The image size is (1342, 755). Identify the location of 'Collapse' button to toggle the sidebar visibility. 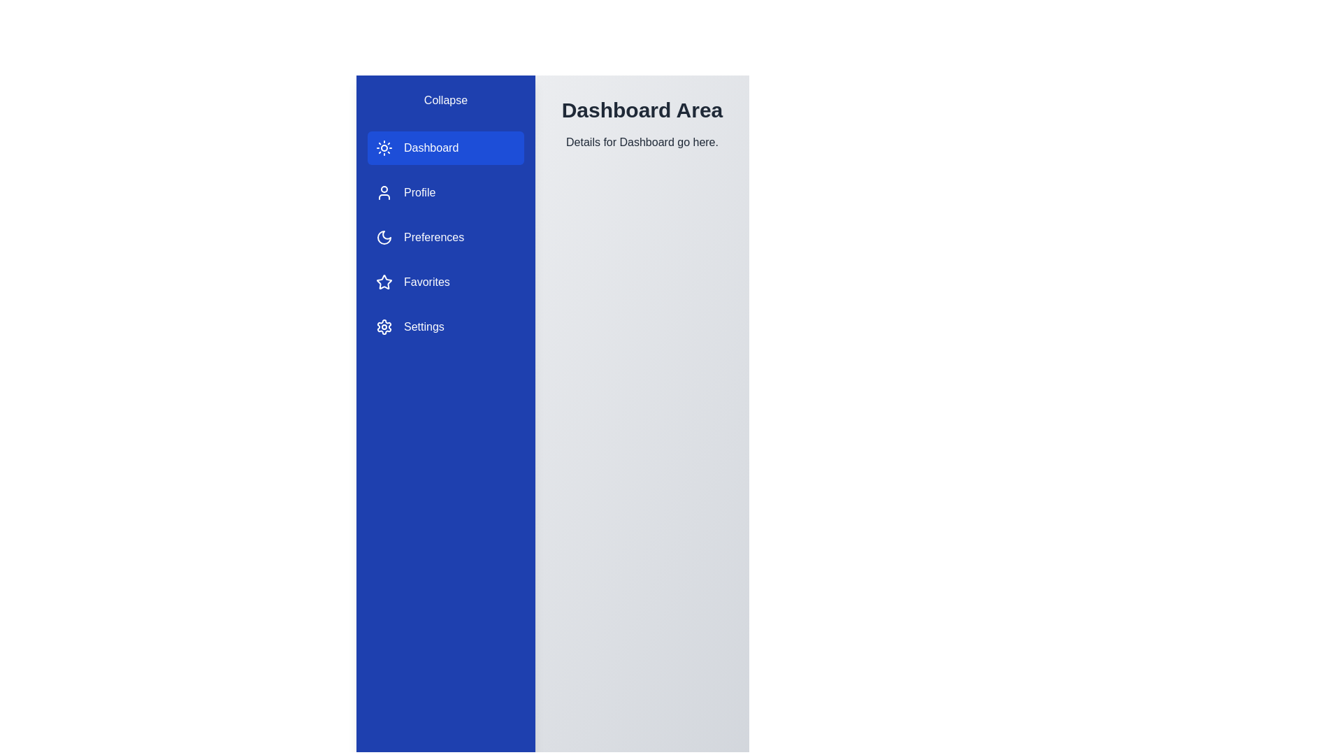
(445, 99).